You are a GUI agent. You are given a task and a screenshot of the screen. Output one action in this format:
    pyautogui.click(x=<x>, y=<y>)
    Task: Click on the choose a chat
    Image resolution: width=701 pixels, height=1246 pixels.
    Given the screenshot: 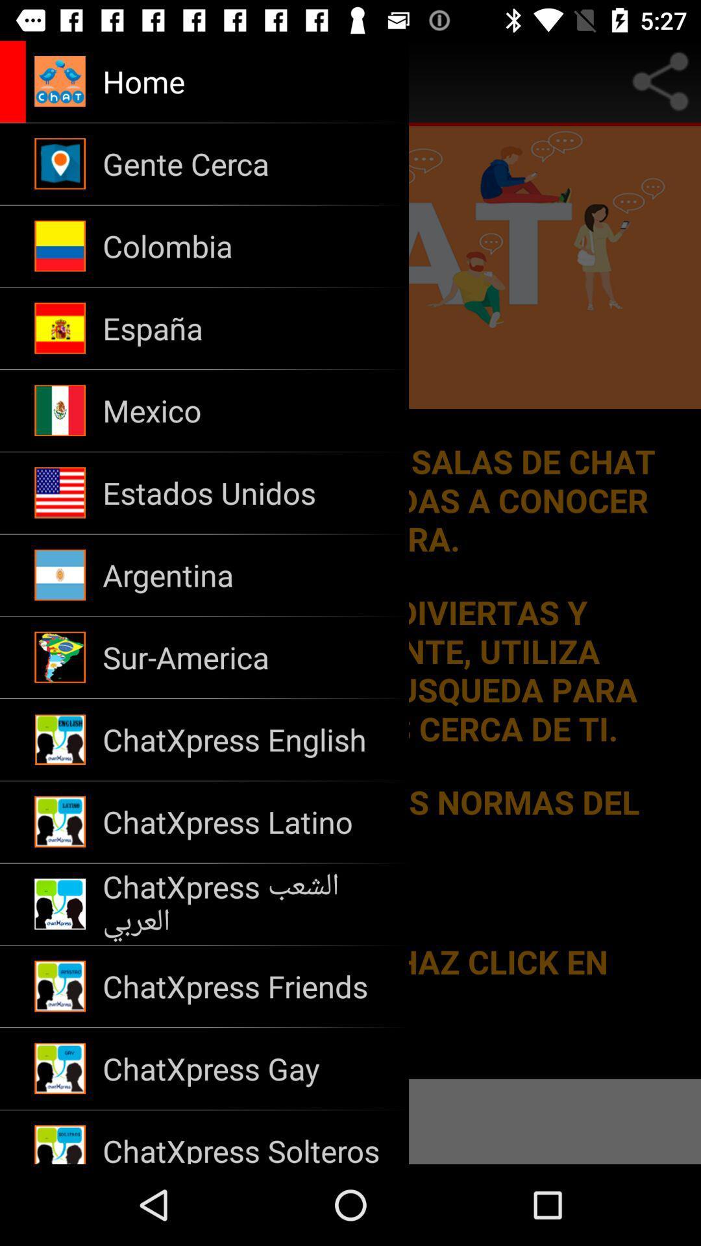 What is the action you would take?
    pyautogui.click(x=350, y=602)
    